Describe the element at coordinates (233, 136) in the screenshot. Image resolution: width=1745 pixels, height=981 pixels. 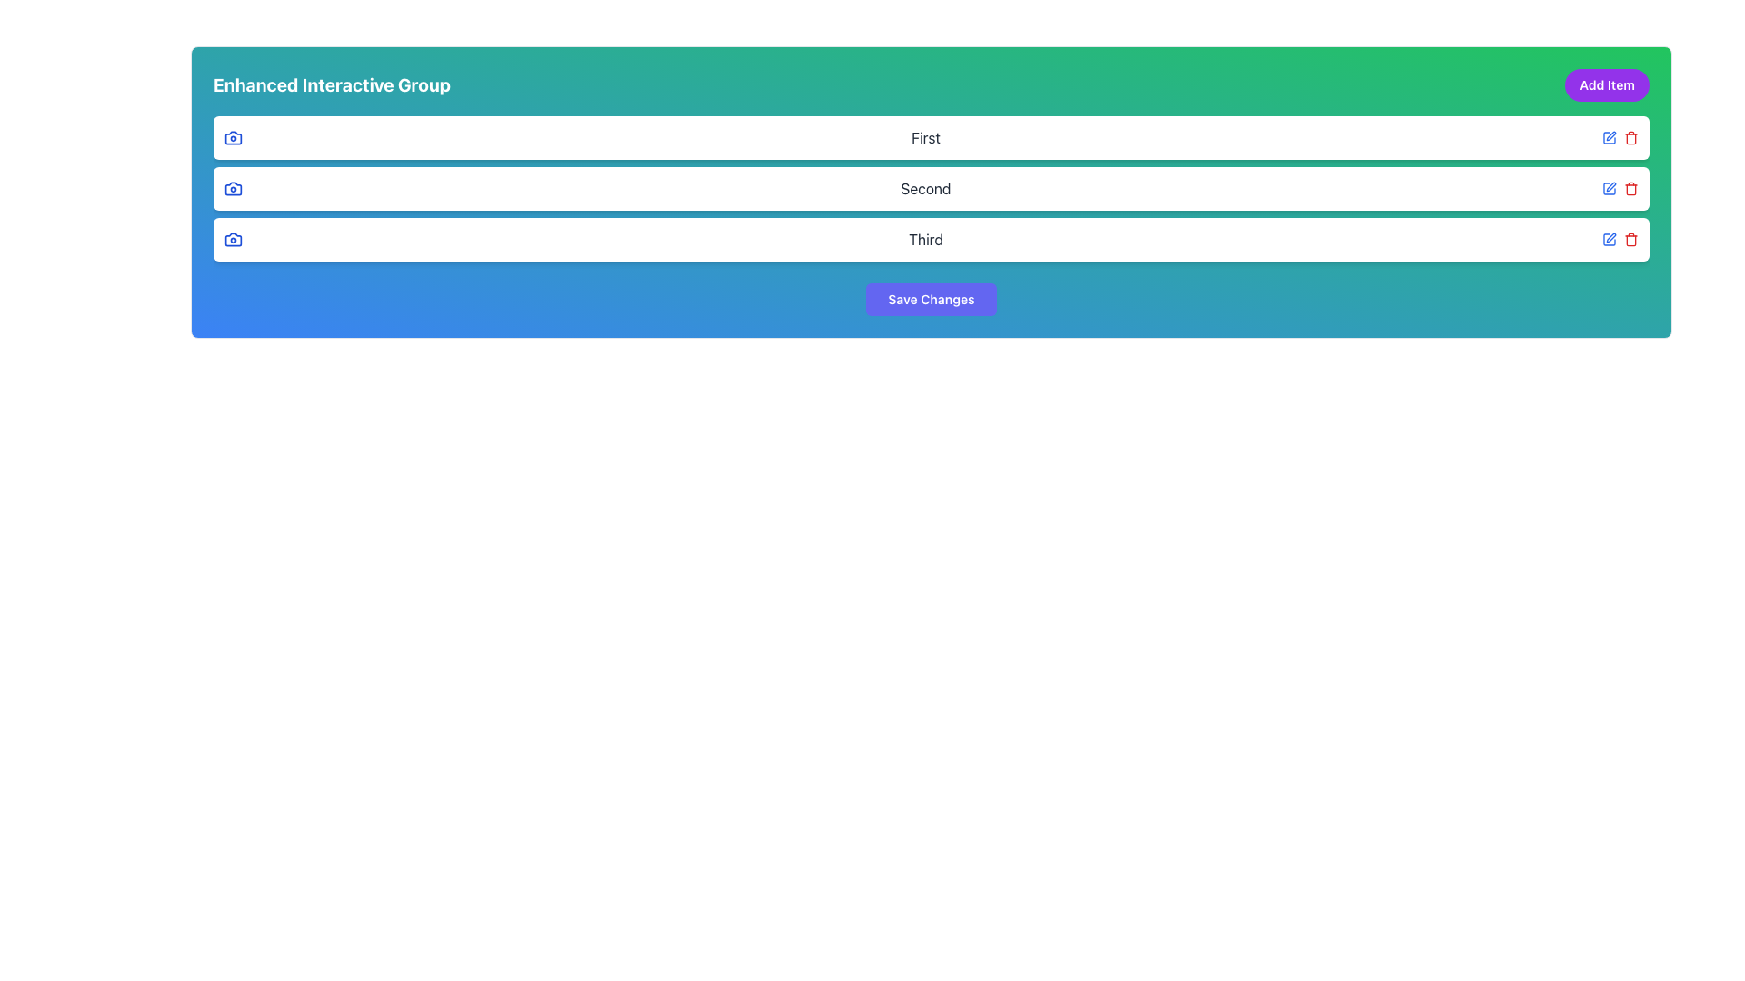
I see `the specific shape within the camera icon located at the left side of the first row in the 'Enhanced Interactive Group' section, characterized by its blue outline` at that location.